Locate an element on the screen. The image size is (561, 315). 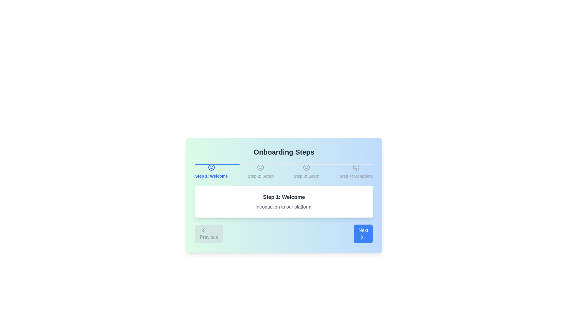
the rightward chevron SVG icon within the 'Next' button in the onboarding modal to prepare for forward navigation is located at coordinates (362, 237).